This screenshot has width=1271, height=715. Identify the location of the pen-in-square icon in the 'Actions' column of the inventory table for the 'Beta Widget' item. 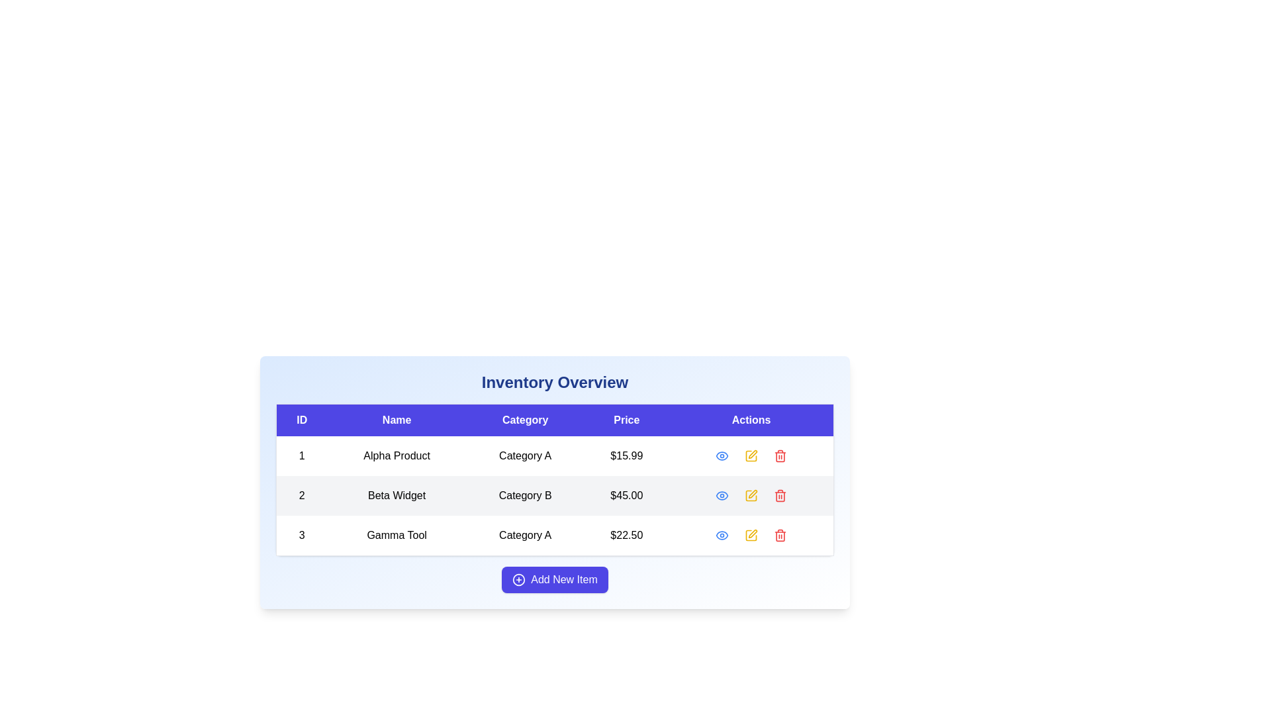
(751, 495).